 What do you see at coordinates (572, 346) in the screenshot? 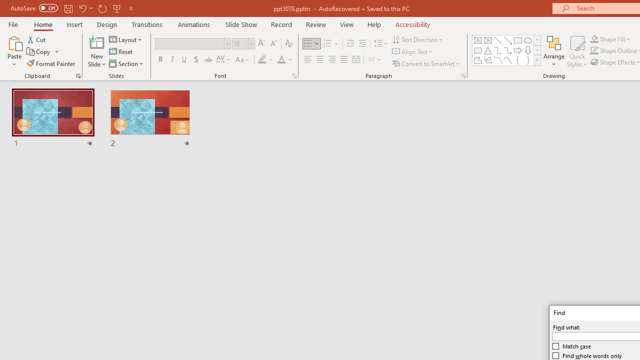
I see `'Match case'` at bounding box center [572, 346].